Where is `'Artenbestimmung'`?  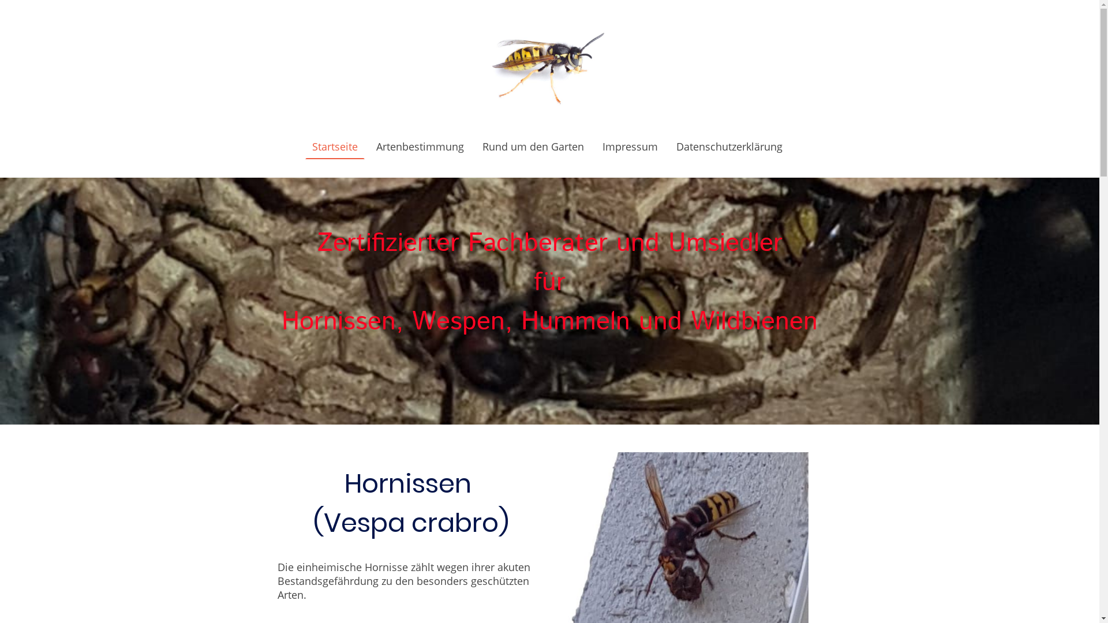
'Artenbestimmung' is located at coordinates (370, 146).